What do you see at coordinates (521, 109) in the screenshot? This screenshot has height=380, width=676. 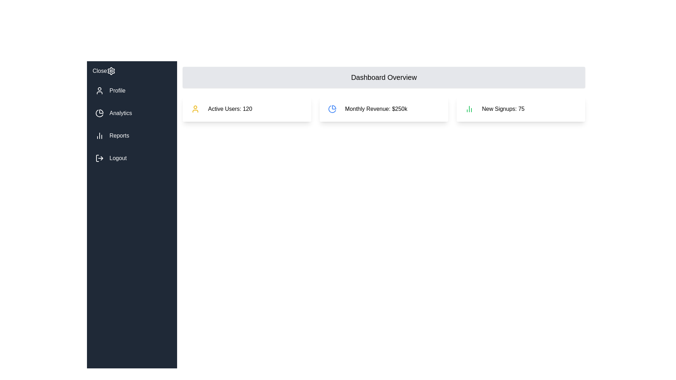 I see `the Informational Card displaying new user signups, which is the third card in a horizontal grid of three cards in the top-right corner of the visible area` at bounding box center [521, 109].